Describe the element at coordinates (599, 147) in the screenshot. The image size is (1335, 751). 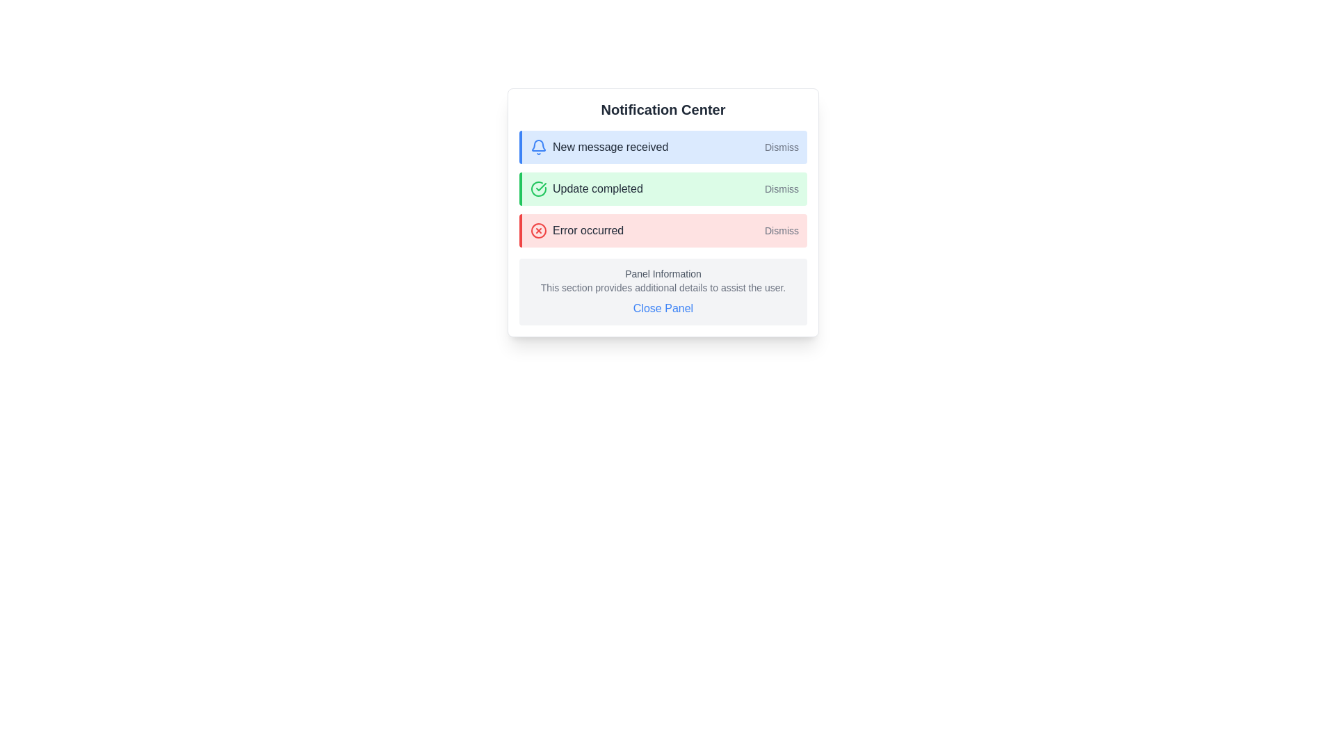
I see `the notification label displaying 'New message received' with a bell icon, which is the first notification in the vertical list` at that location.